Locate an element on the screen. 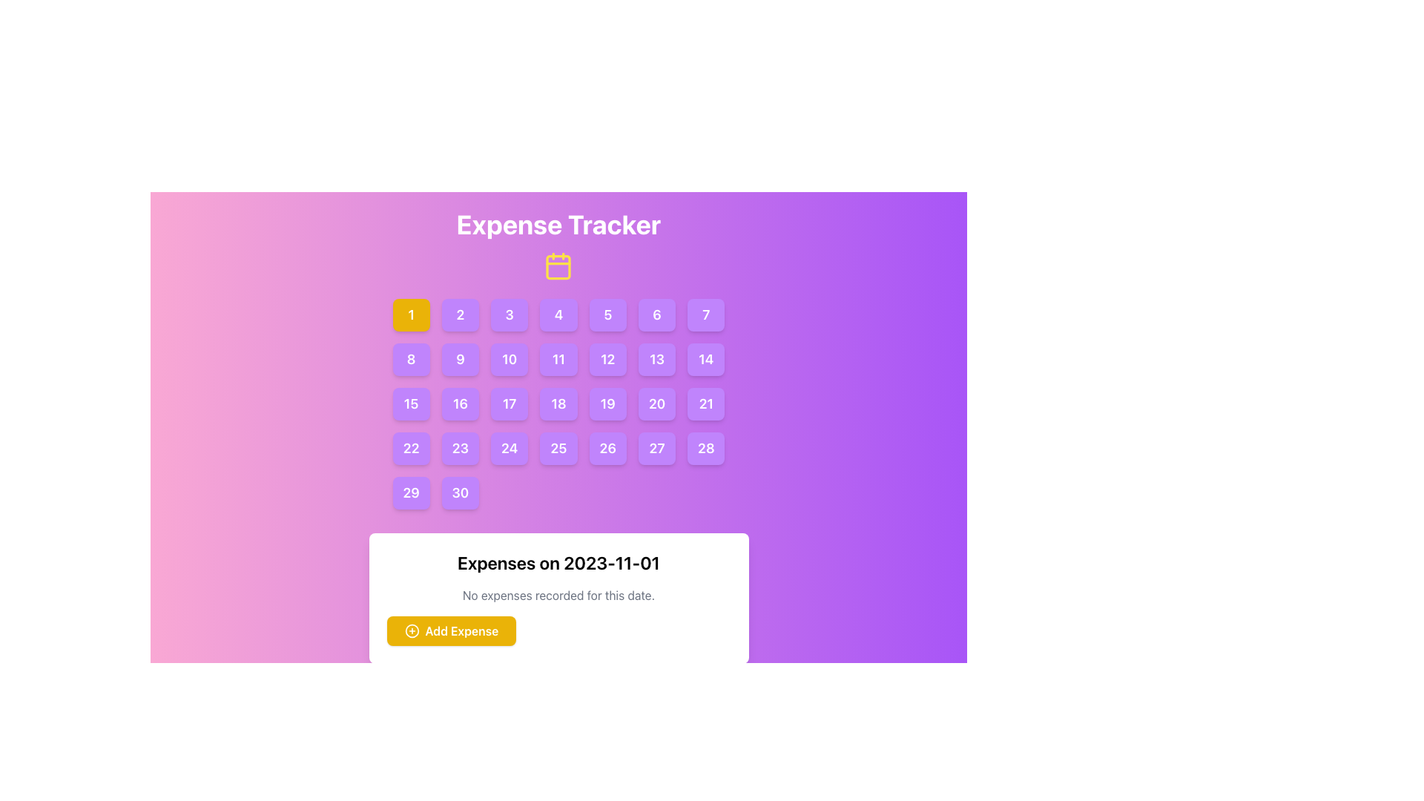  the square button with rounded corners and a purple background that contains the number '19' in white, located in the third row and fifth column of the calendar grid under the 'Expense Tracker' title is located at coordinates (607, 403).